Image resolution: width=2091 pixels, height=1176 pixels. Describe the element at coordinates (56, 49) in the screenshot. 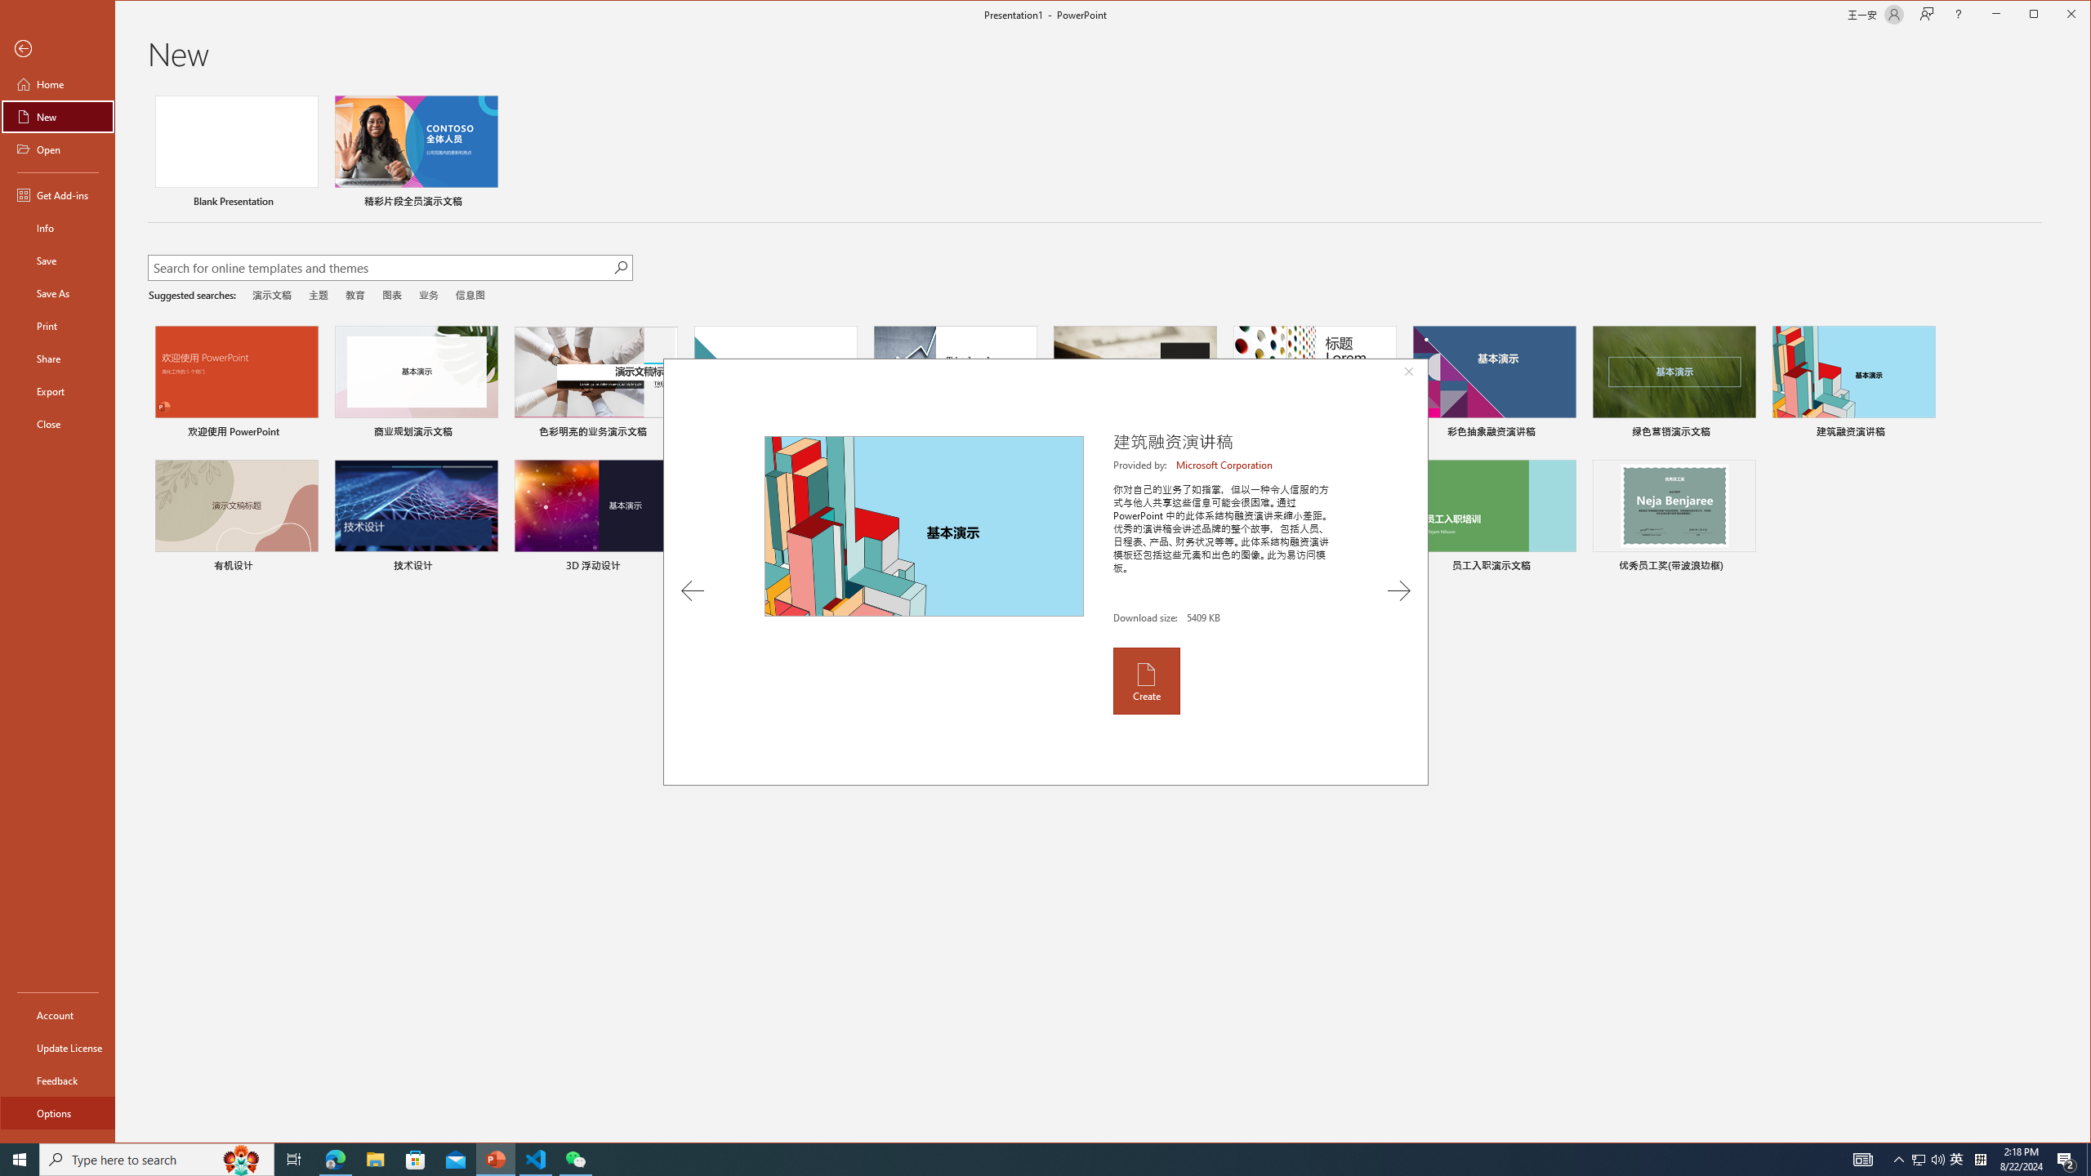

I see `'Back'` at that location.